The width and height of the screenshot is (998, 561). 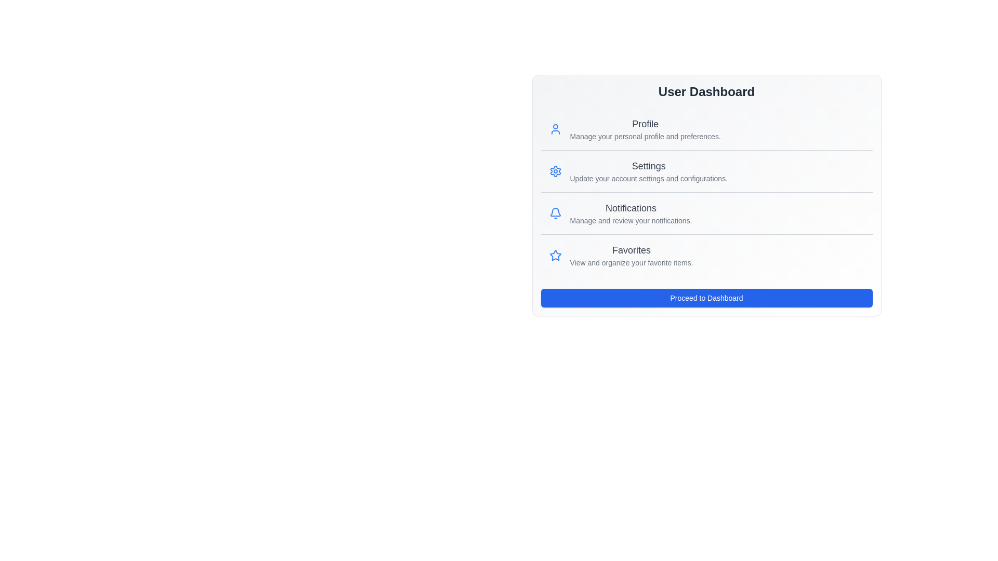 What do you see at coordinates (631, 262) in the screenshot?
I see `the text element that reads 'View and organize your favorite items.' located below the 'Favorites' title in the user dashboard` at bounding box center [631, 262].